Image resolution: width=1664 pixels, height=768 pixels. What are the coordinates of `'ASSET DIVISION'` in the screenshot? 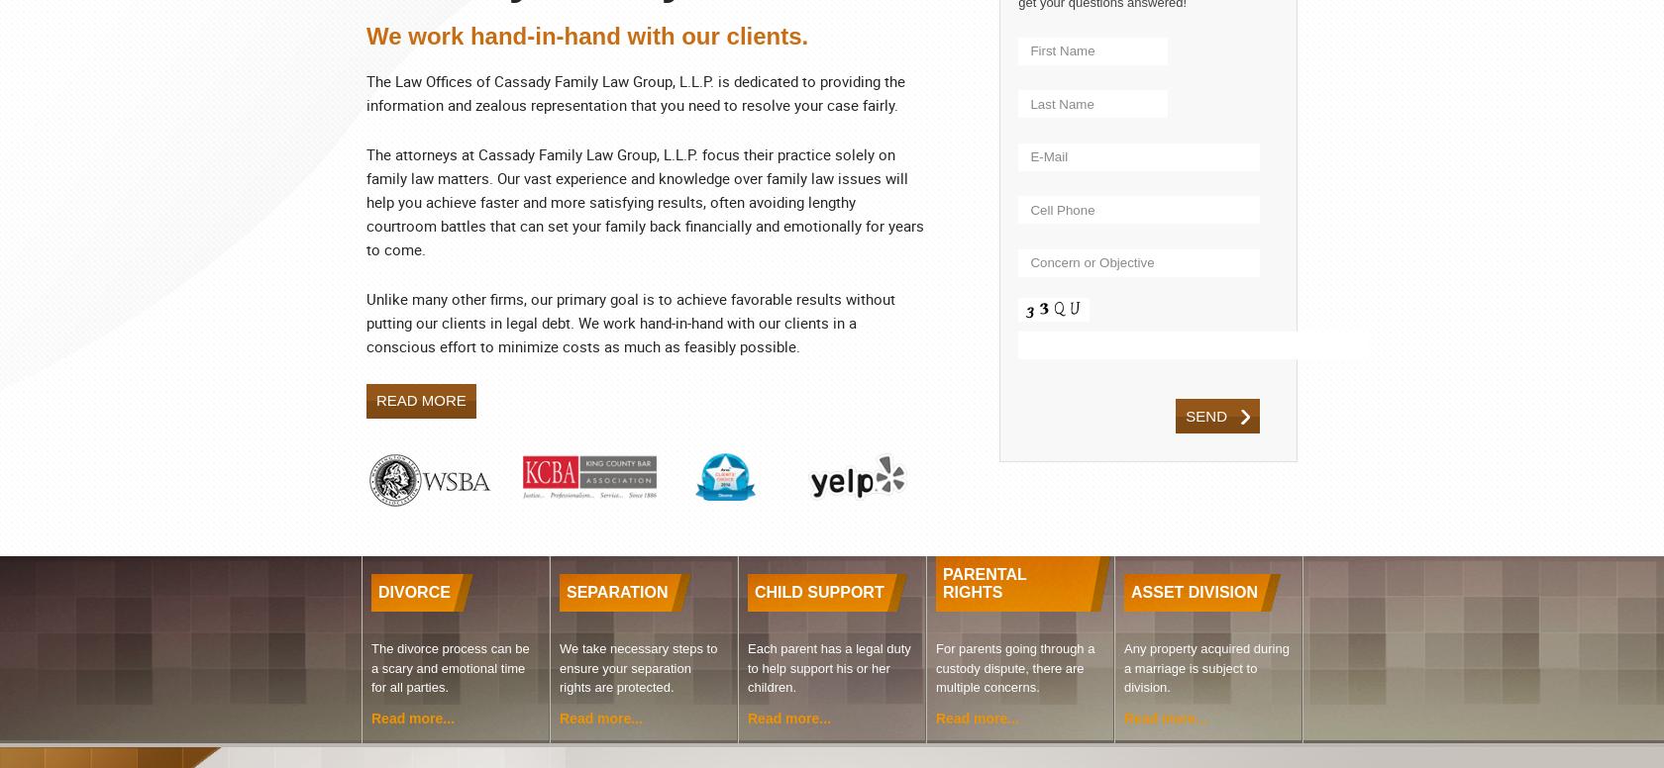 It's located at (1195, 592).